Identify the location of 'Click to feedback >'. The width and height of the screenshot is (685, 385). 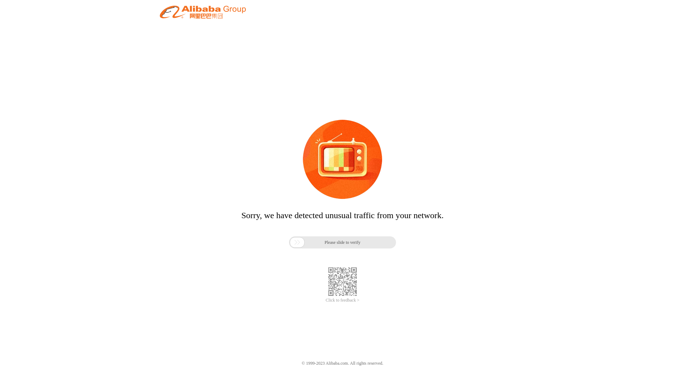
(342, 300).